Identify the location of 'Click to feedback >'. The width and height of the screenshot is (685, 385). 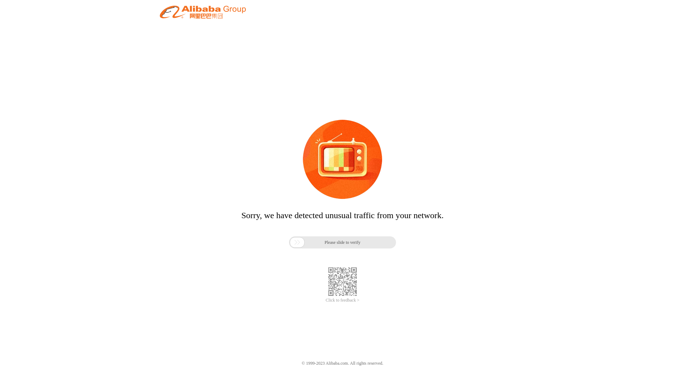
(342, 300).